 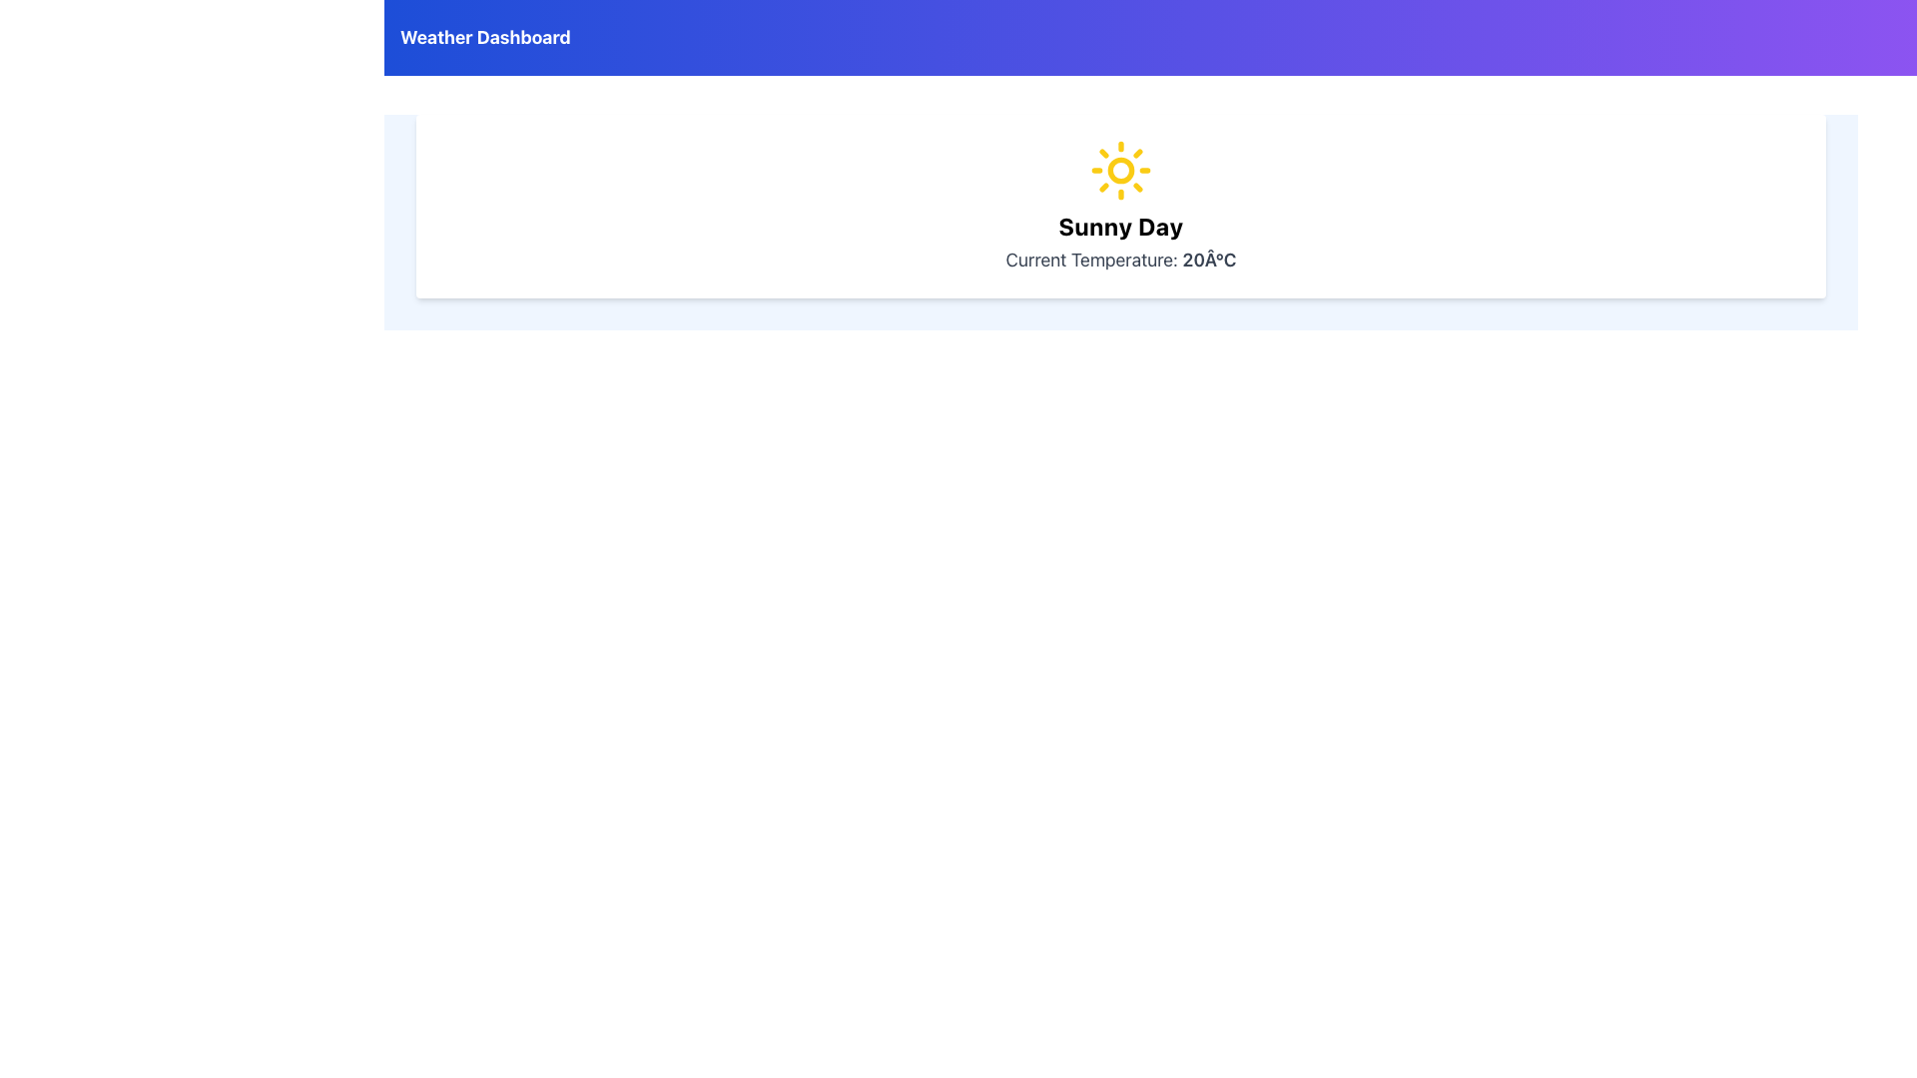 What do you see at coordinates (1208, 259) in the screenshot?
I see `the static text displaying '20°C', which is part of the line labeled 'Current Temperature:', located at the right end of this line` at bounding box center [1208, 259].